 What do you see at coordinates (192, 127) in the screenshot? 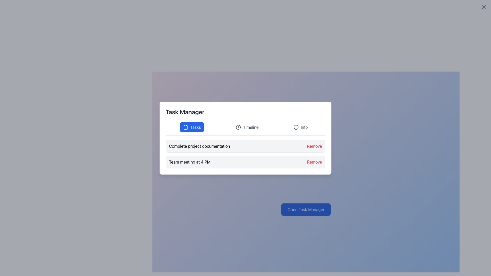
I see `the blue 'Tasks' button with white text and a clipboard icon` at bounding box center [192, 127].